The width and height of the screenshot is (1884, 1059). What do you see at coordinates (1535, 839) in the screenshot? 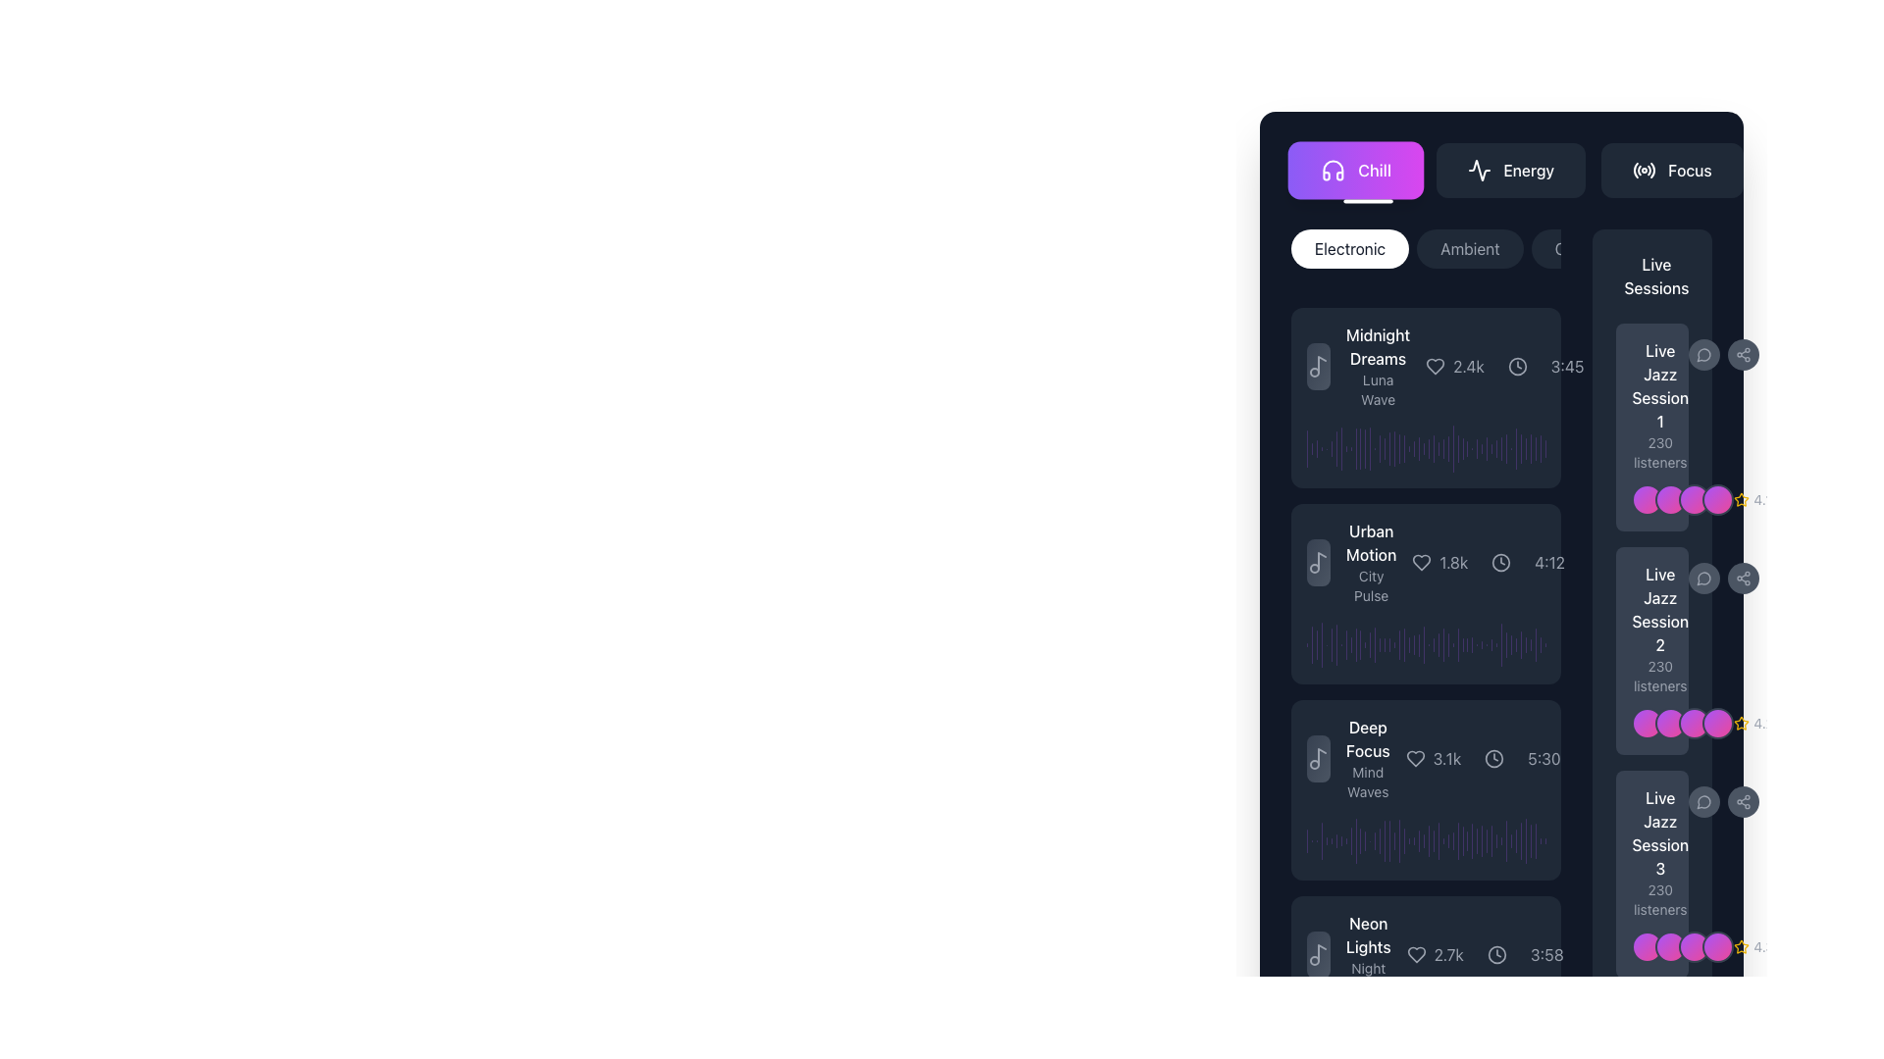
I see `the representation of the second to last vertical Indicator bar with rounded edges, light purple color, and semi-transparent appearance in the 'Live Jazz Session 2' interface` at bounding box center [1535, 839].